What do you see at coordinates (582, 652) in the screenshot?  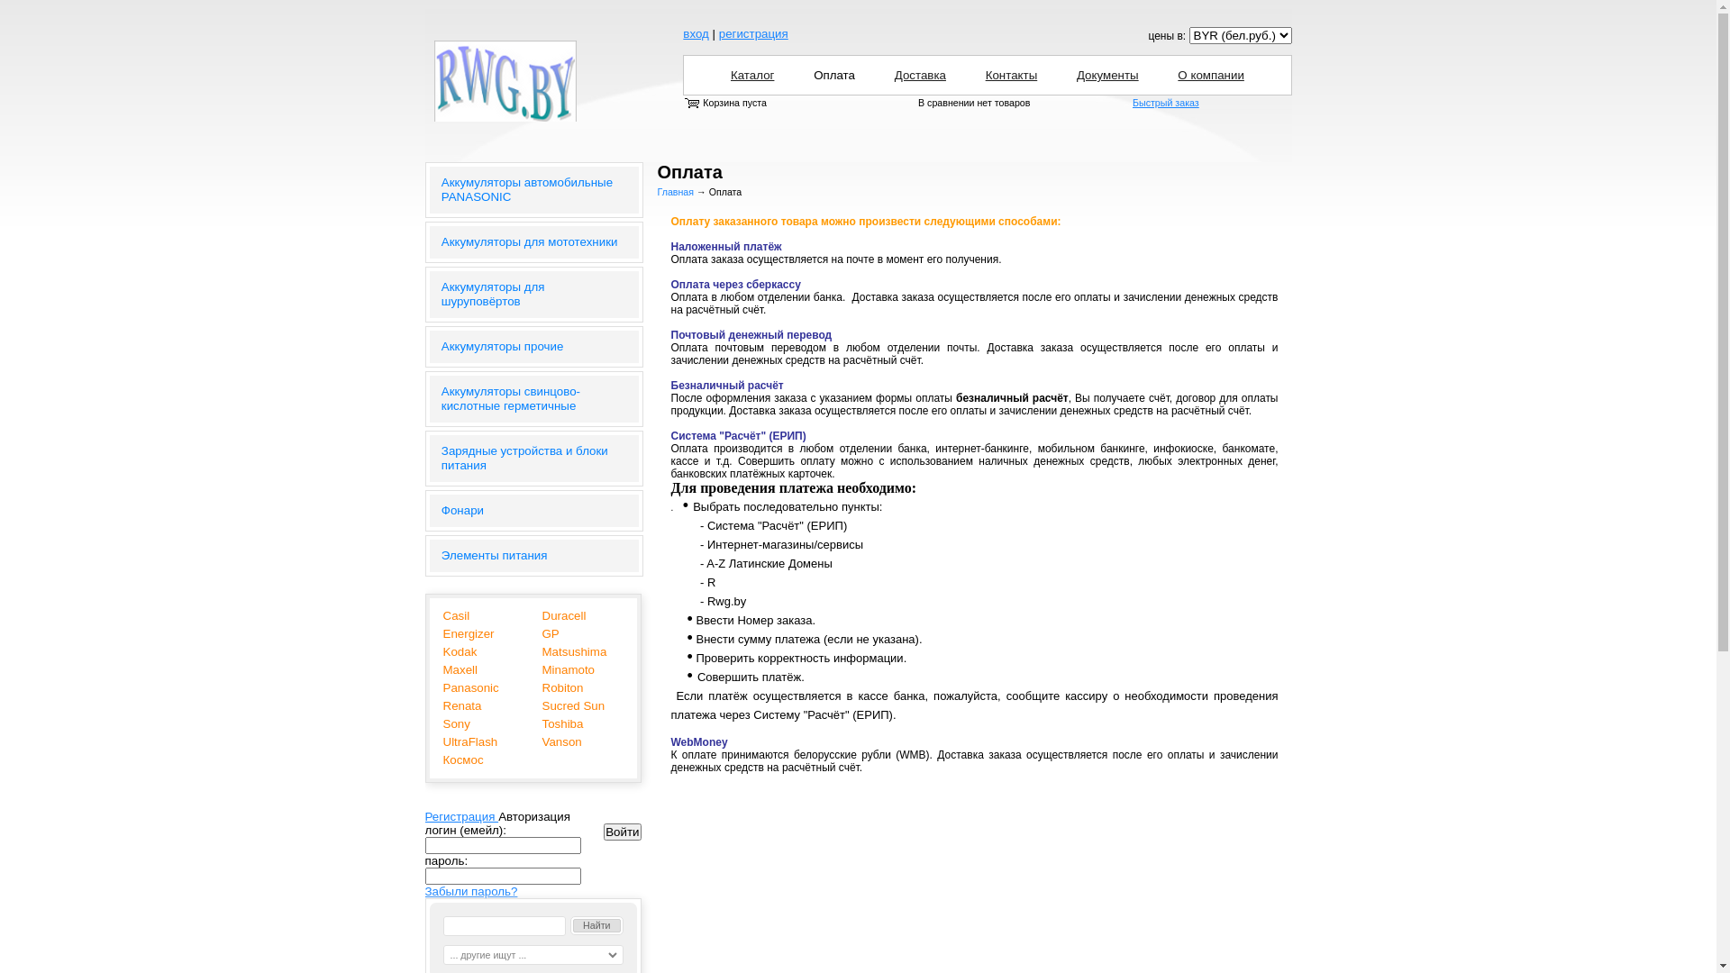 I see `'Matsushima'` at bounding box center [582, 652].